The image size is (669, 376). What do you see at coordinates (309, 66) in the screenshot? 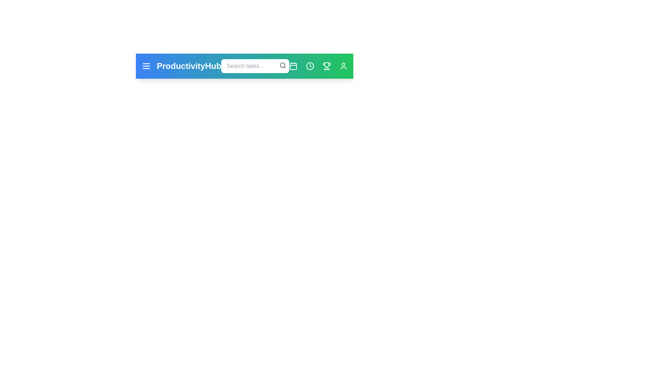
I see `the clock icon to access time management settings` at bounding box center [309, 66].